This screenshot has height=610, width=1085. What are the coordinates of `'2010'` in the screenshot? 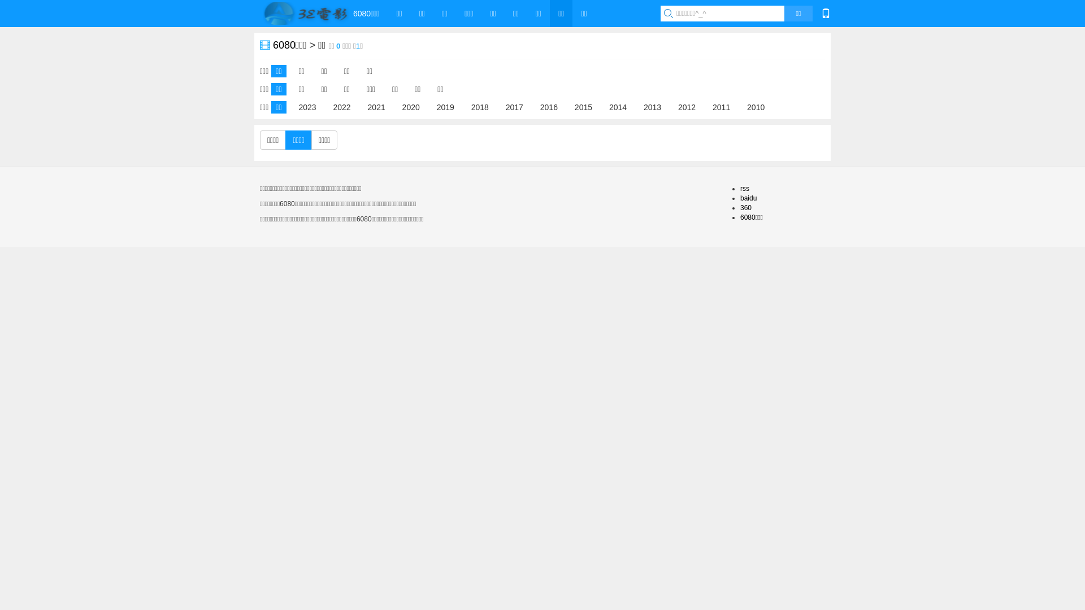 It's located at (756, 107).